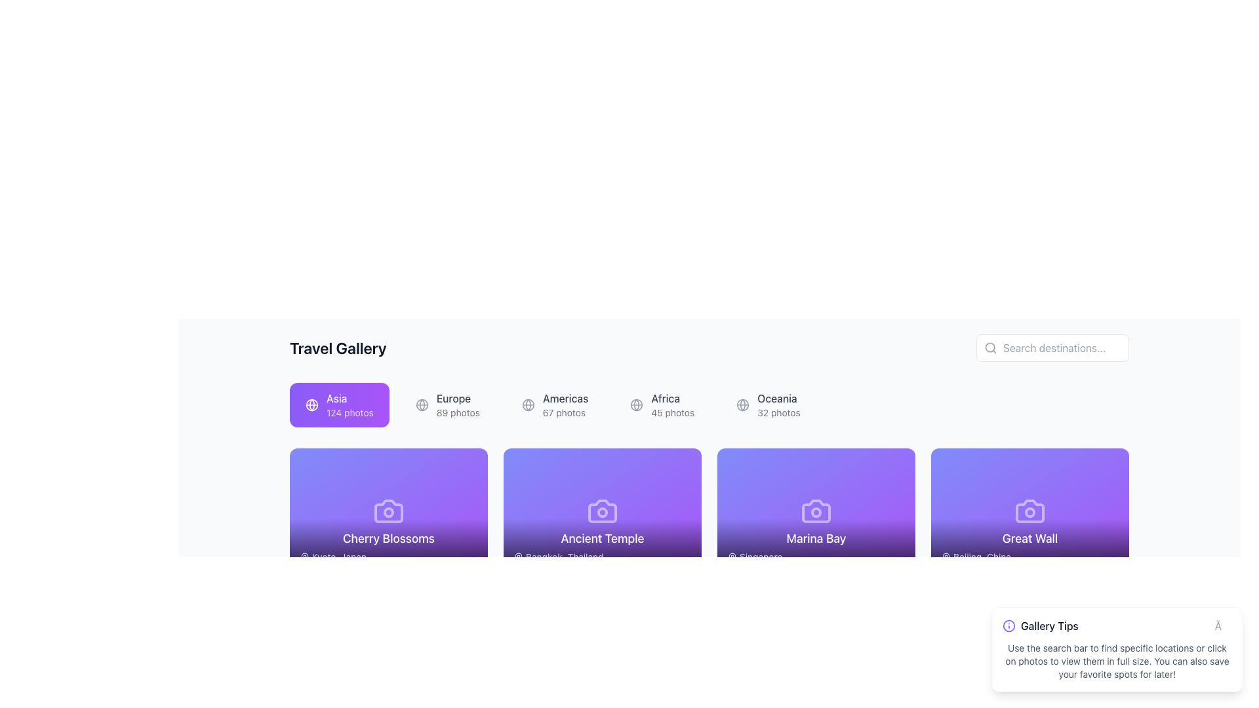 The width and height of the screenshot is (1259, 708). Describe the element at coordinates (339, 557) in the screenshot. I see `the text label located at the bottom-left of the 'Cherry Blossoms' tile, which provides additional information about this travel destination` at that location.